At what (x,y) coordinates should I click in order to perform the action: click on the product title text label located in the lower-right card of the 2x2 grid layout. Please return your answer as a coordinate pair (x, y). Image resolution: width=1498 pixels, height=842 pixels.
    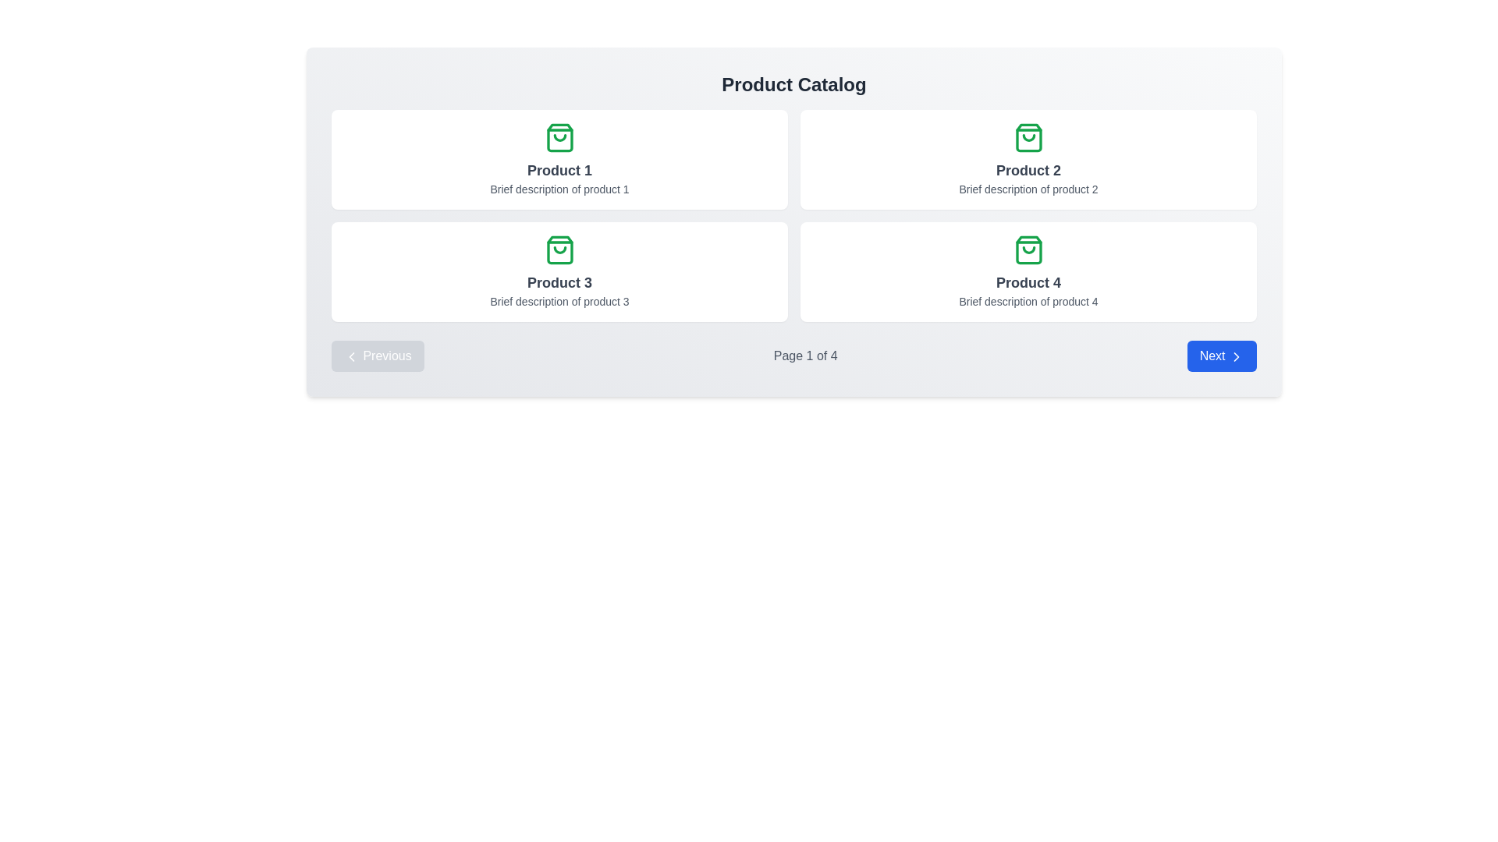
    Looking at the image, I should click on (1028, 282).